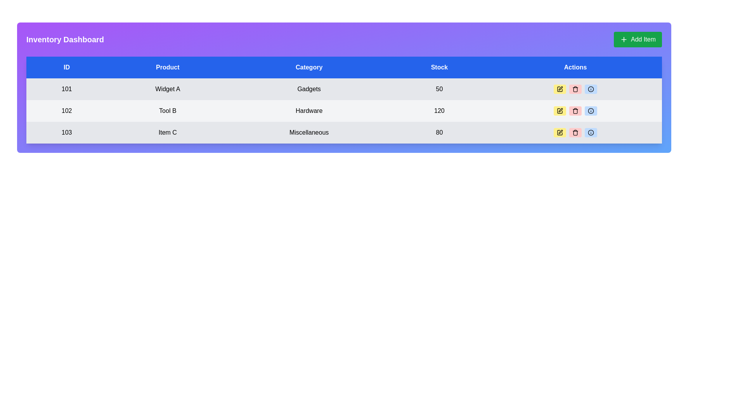 This screenshot has height=419, width=745. What do you see at coordinates (67, 89) in the screenshot?
I see `text '101' from the text label element located in the 'ID' column of the first row in the table` at bounding box center [67, 89].